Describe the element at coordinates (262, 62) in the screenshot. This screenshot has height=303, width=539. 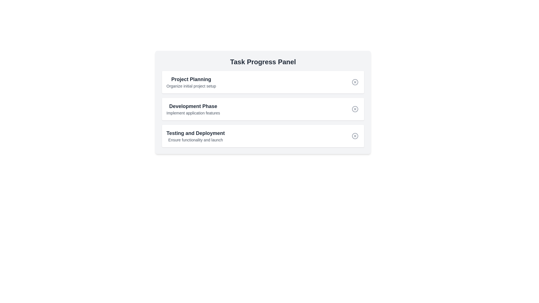
I see `the heading text element that serves as the title for the panel, indicating the purpose or content of the section` at that location.